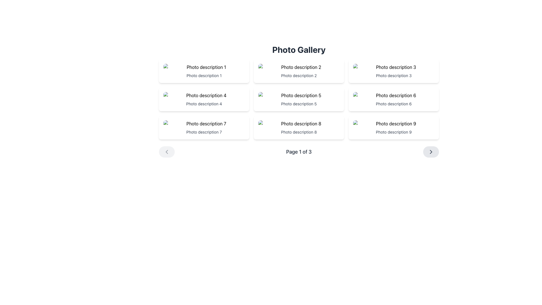 The width and height of the screenshot is (542, 305). What do you see at coordinates (299, 49) in the screenshot?
I see `the text label that serves as the title for the photo gallery section, which is located centrally at the top of the interface` at bounding box center [299, 49].